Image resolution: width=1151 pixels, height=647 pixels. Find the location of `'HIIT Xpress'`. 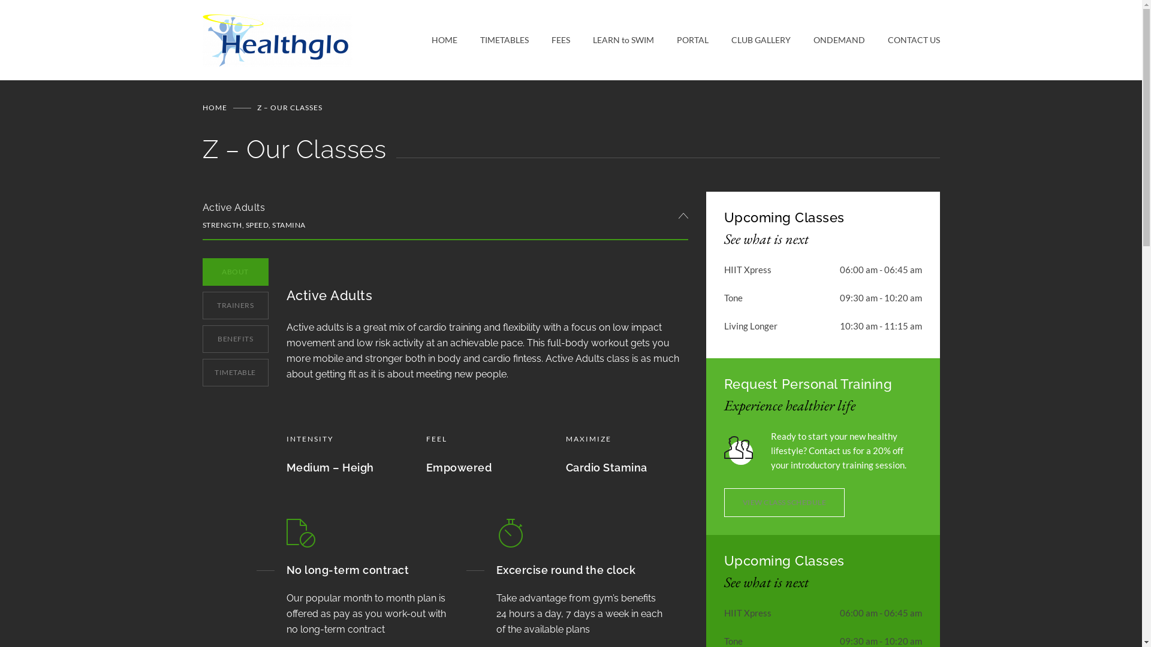

'HIIT Xpress' is located at coordinates (747, 270).